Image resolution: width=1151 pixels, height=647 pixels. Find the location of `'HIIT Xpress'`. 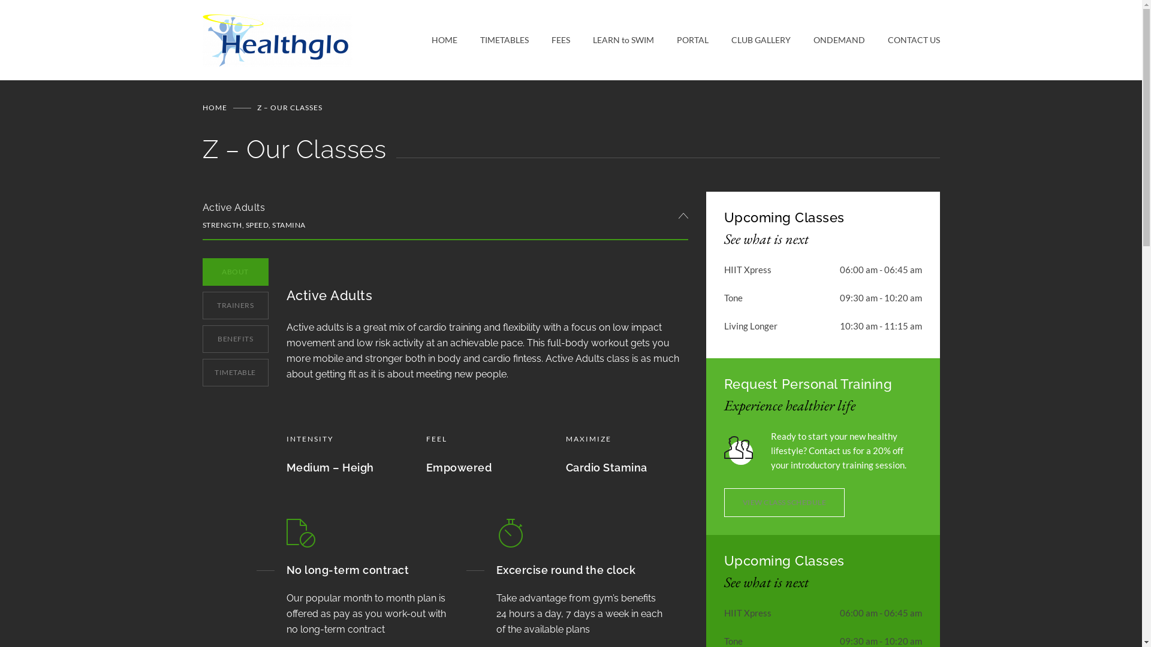

'HIIT Xpress' is located at coordinates (747, 270).